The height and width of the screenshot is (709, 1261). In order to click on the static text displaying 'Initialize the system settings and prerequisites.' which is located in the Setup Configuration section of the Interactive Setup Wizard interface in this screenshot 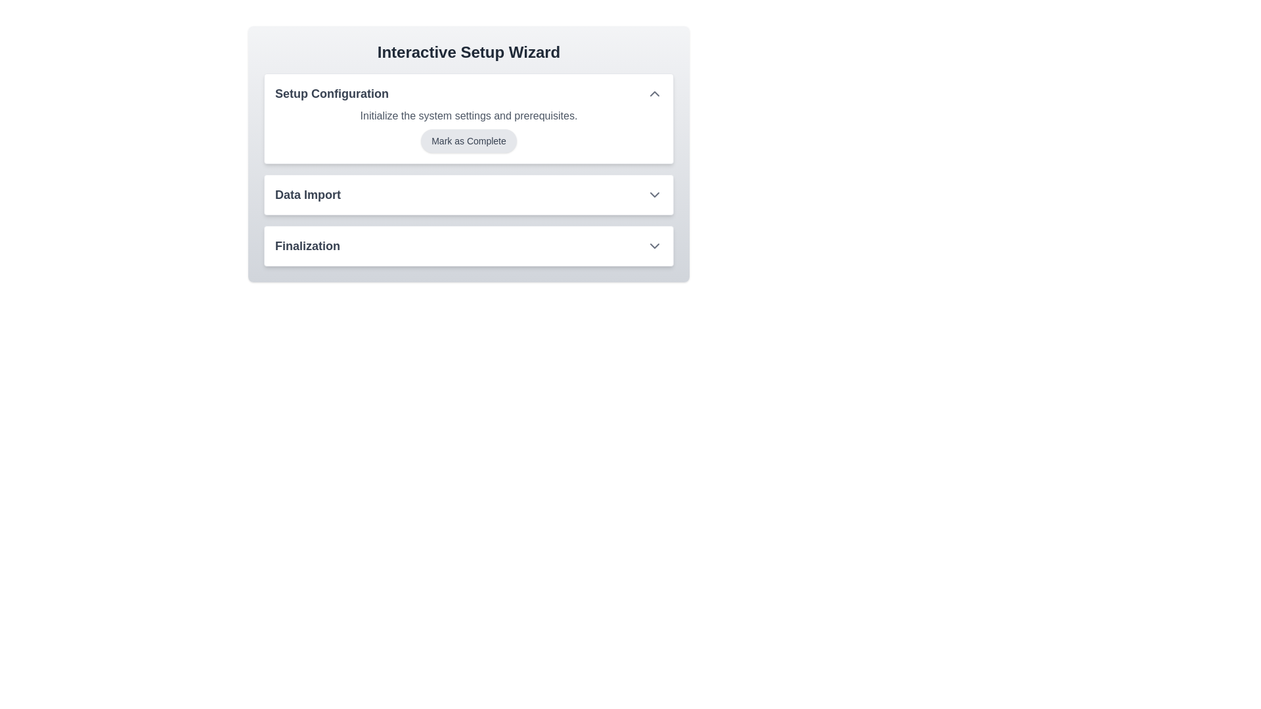, I will do `click(469, 116)`.